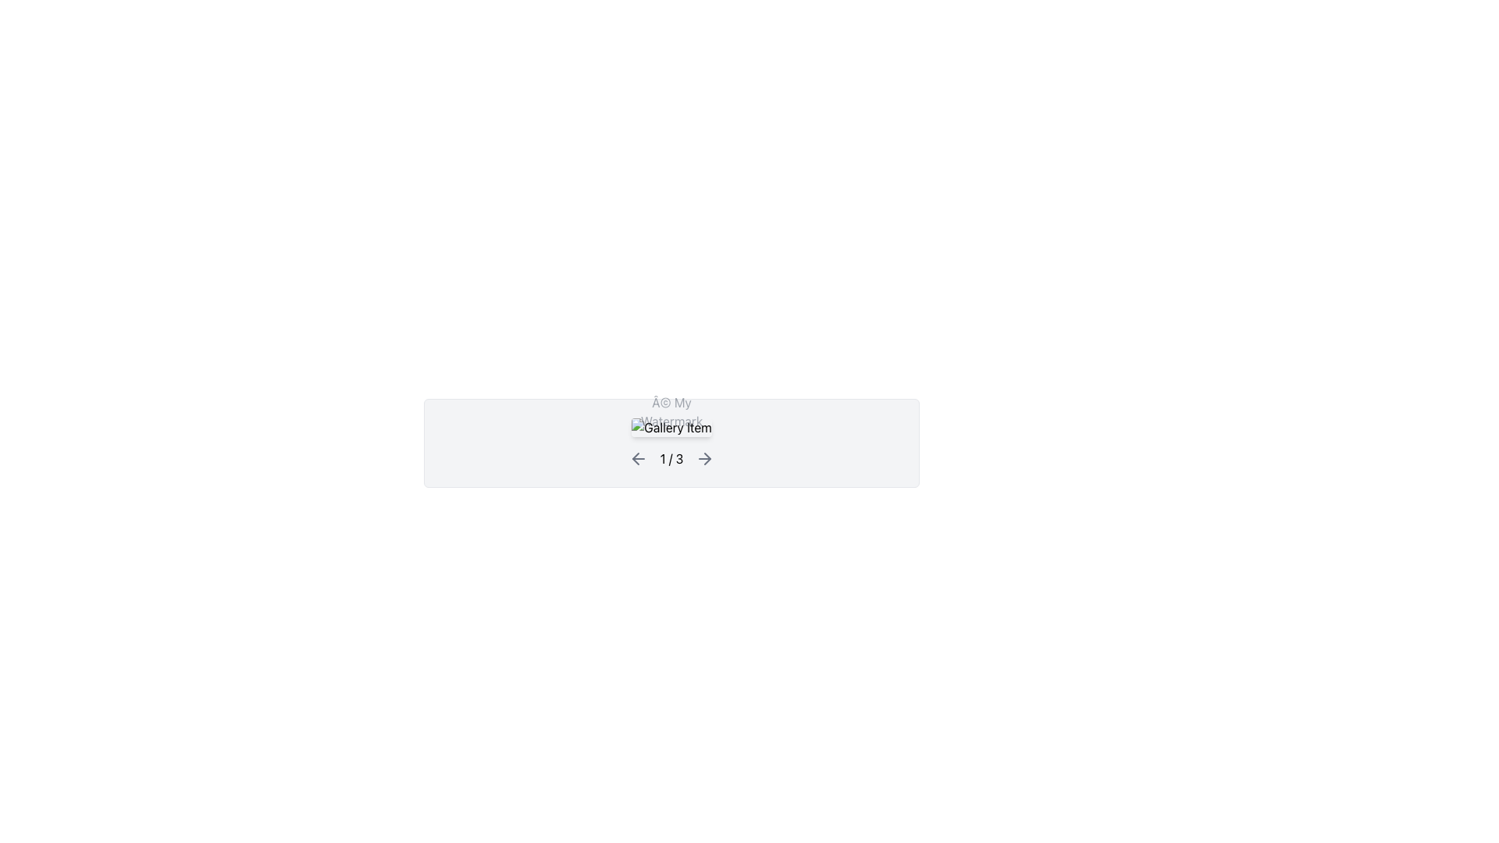 Image resolution: width=1499 pixels, height=843 pixels. What do you see at coordinates (638, 457) in the screenshot?
I see `the leftward arrow button, which is a gray chevron icon located at the left side of the navigation bar, directly preceding the text '1 / 3'` at bounding box center [638, 457].